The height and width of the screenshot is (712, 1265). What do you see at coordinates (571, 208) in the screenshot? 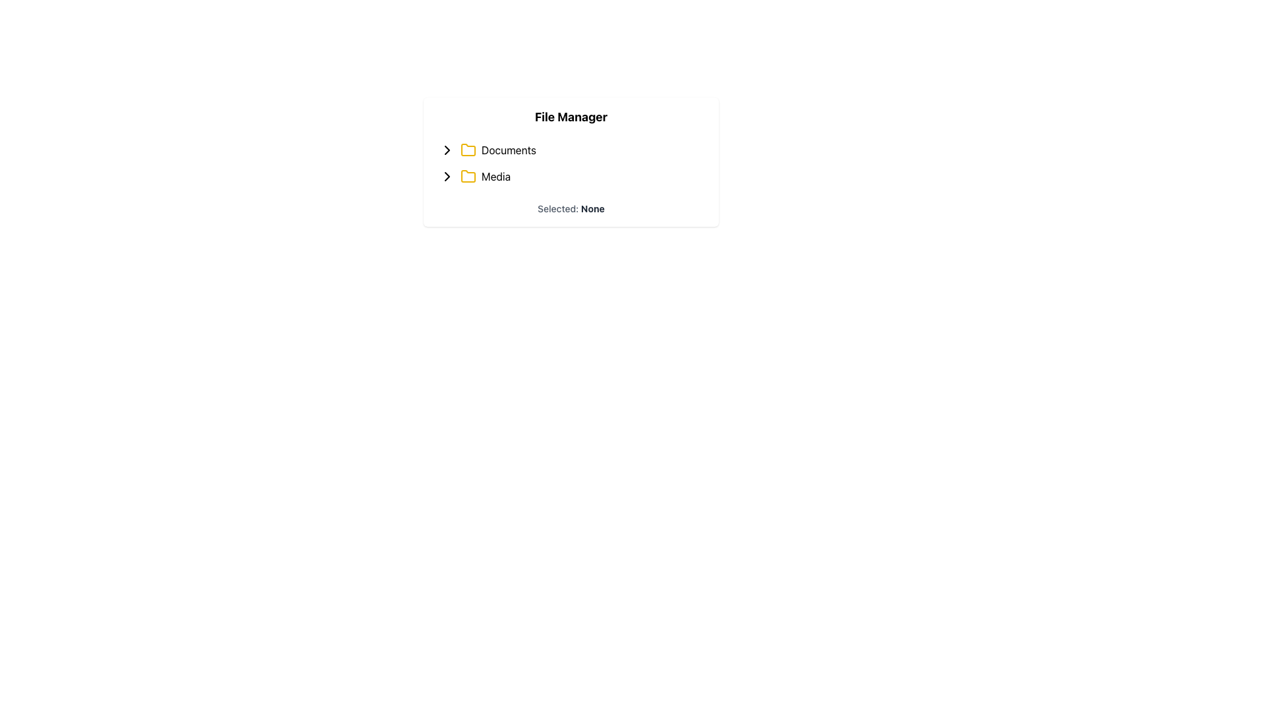
I see `the informational Text Label that indicates the currently selected item, displaying 'Selected:' followed by the value` at bounding box center [571, 208].